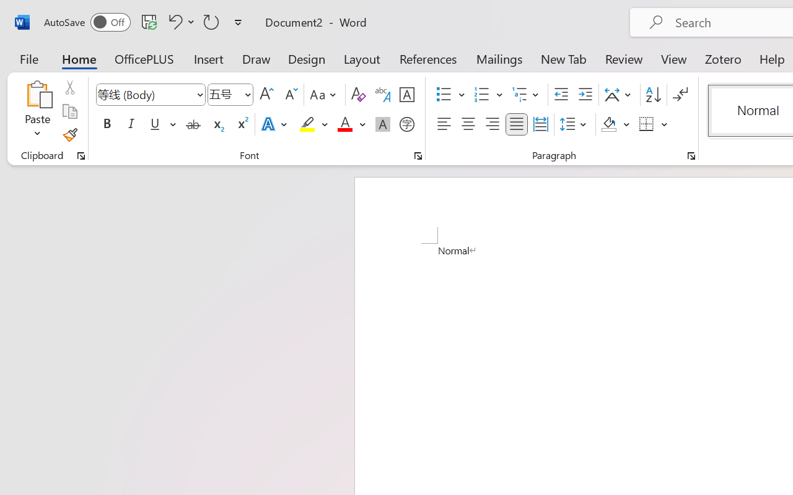 This screenshot has width=793, height=495. What do you see at coordinates (193, 124) in the screenshot?
I see `'Strikethrough'` at bounding box center [193, 124].